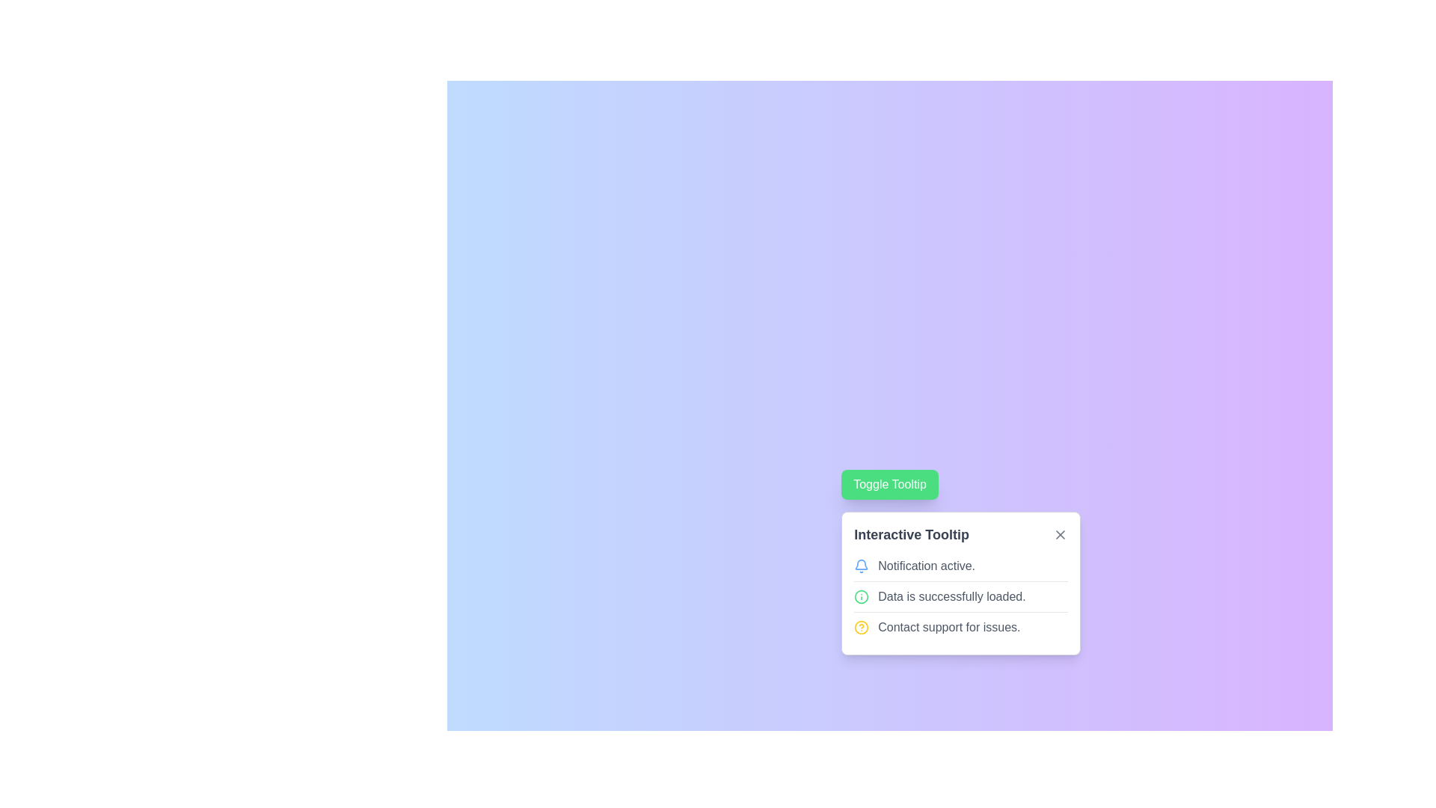 This screenshot has width=1436, height=808. What do you see at coordinates (961, 582) in the screenshot?
I see `the icons in the Interactive Tooltip that appears below the 'Toggle Tooltip' green button` at bounding box center [961, 582].